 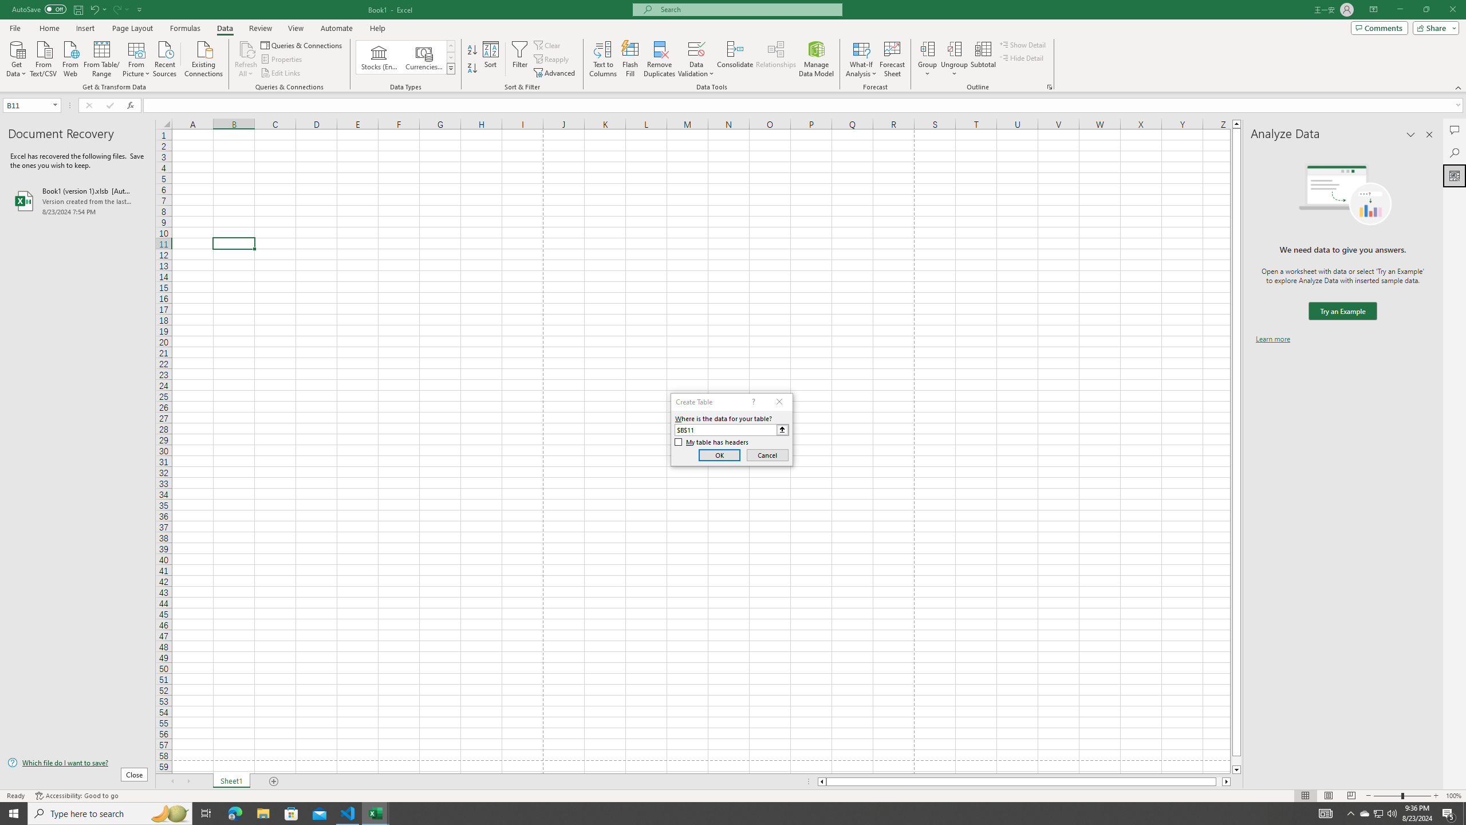 I want to click on 'Show Detail', so click(x=1022, y=44).